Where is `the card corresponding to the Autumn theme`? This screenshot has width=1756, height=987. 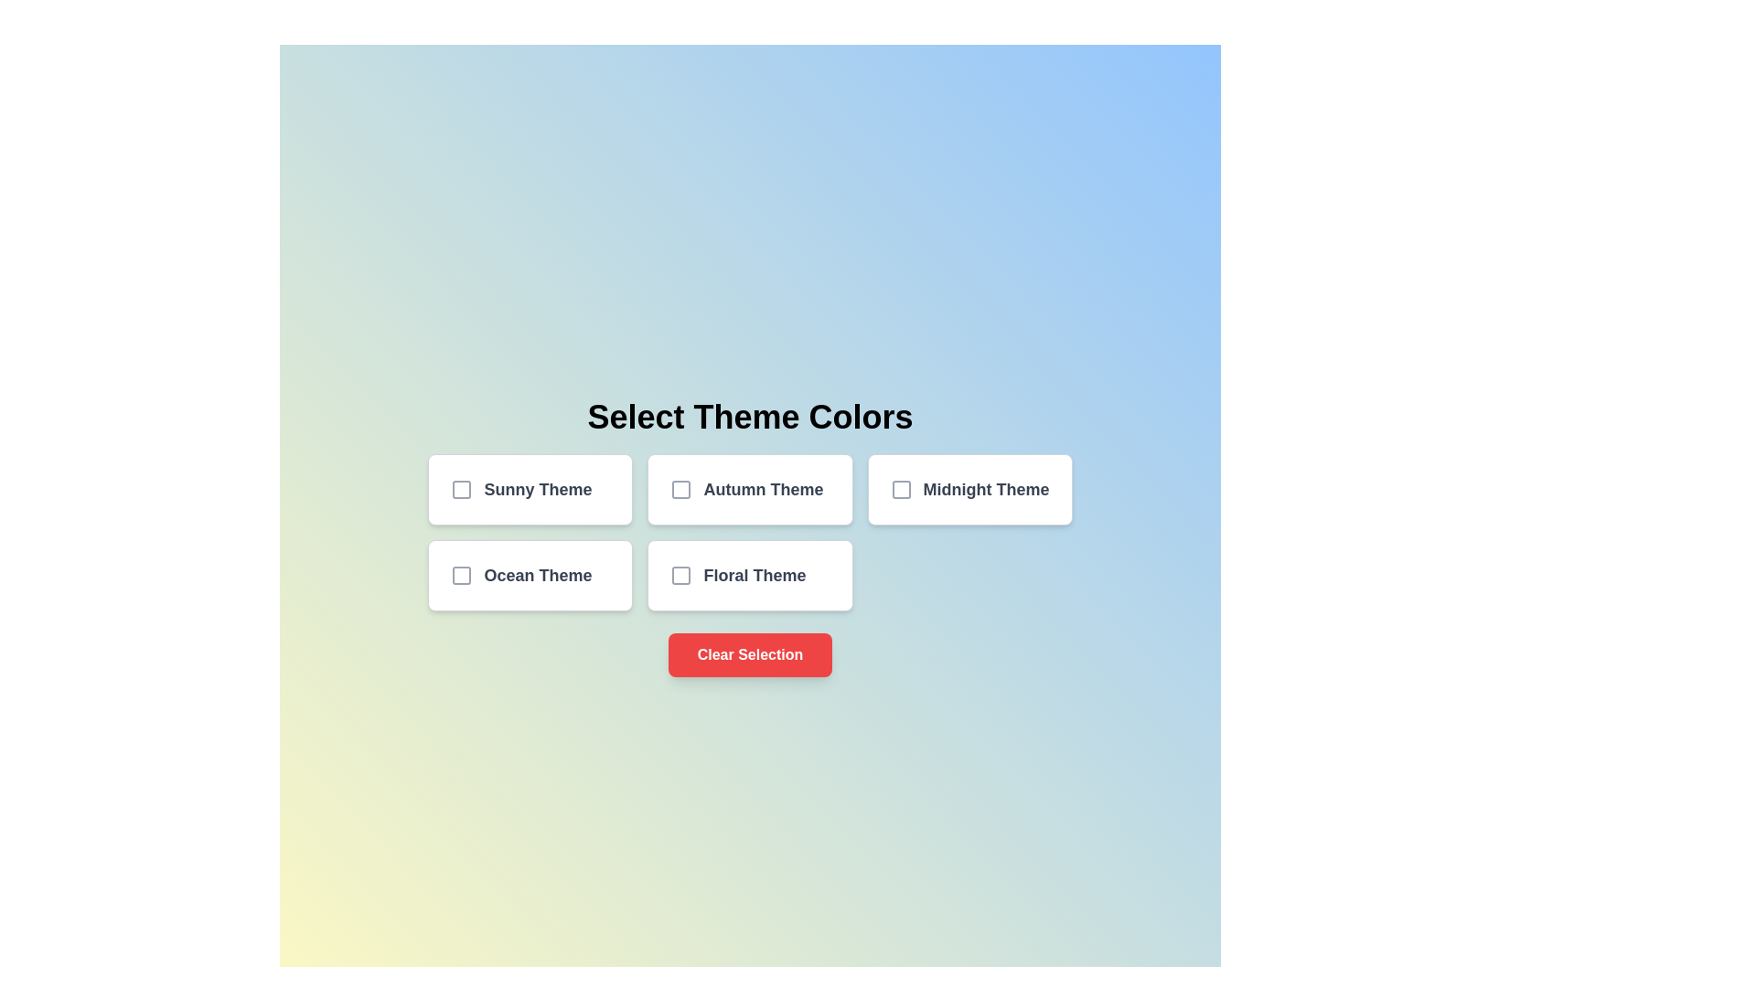 the card corresponding to the Autumn theme is located at coordinates (750, 489).